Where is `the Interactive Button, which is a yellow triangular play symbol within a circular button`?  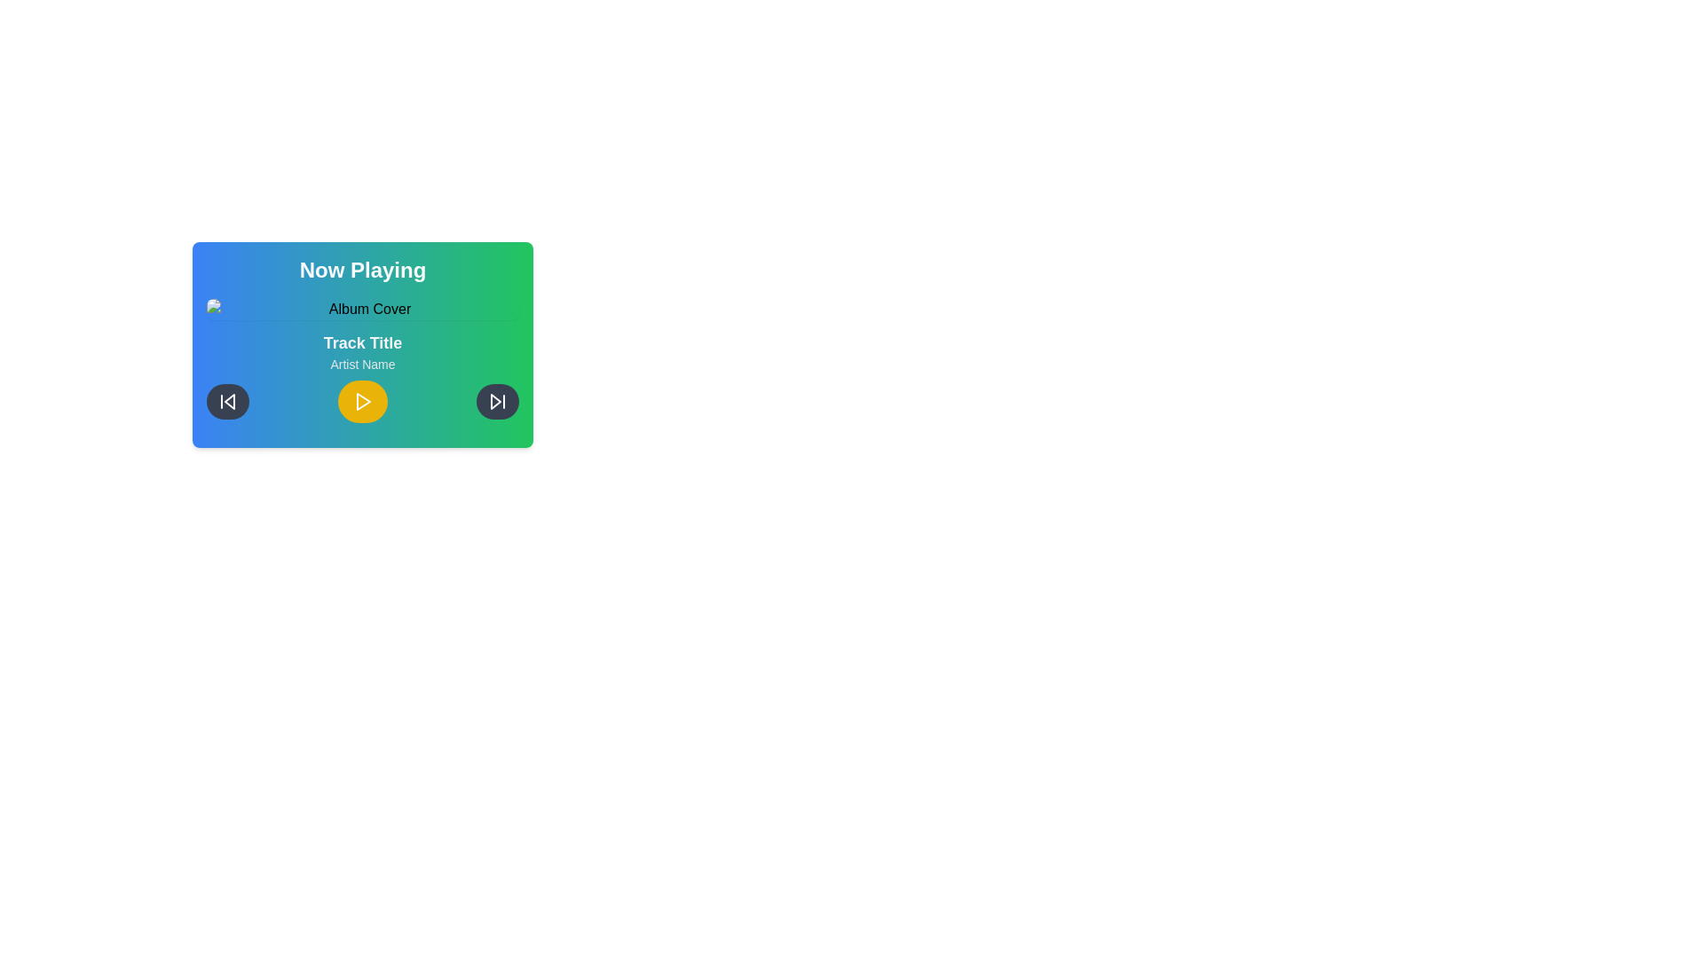
the Interactive Button, which is a yellow triangular play symbol within a circular button is located at coordinates (362, 401).